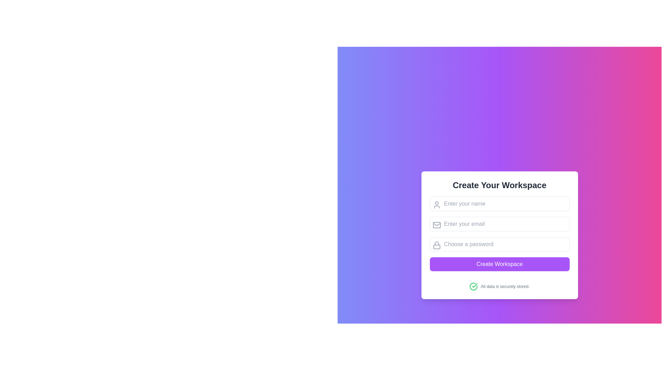 The width and height of the screenshot is (671, 377). What do you see at coordinates (499, 224) in the screenshot?
I see `the Email input field in the 'Create Your Workspace' form to observe the focus effects` at bounding box center [499, 224].